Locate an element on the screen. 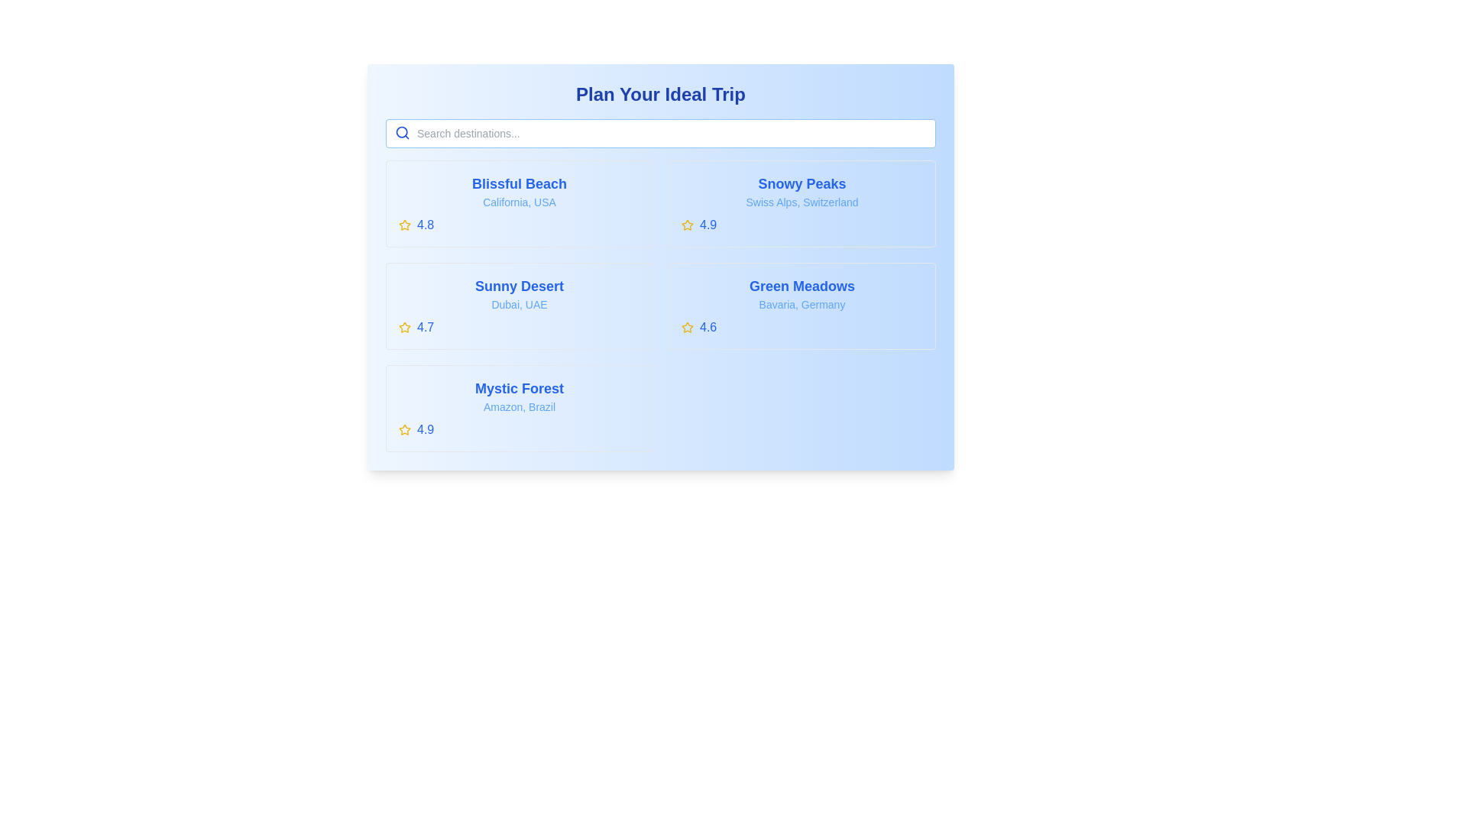  the text label that conveys the numerical rating of 'Sunny Desert', located in the lower-left segment of the interface within the rating section is located at coordinates (426, 326).